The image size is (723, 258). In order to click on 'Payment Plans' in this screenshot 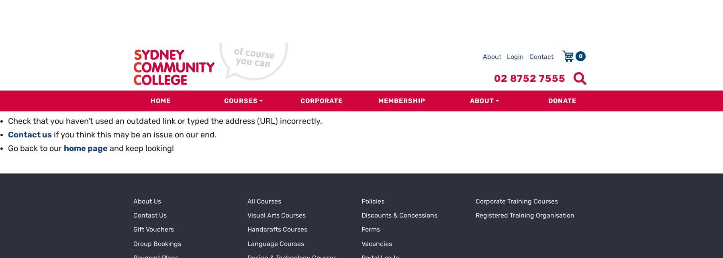, I will do `click(156, 145)`.